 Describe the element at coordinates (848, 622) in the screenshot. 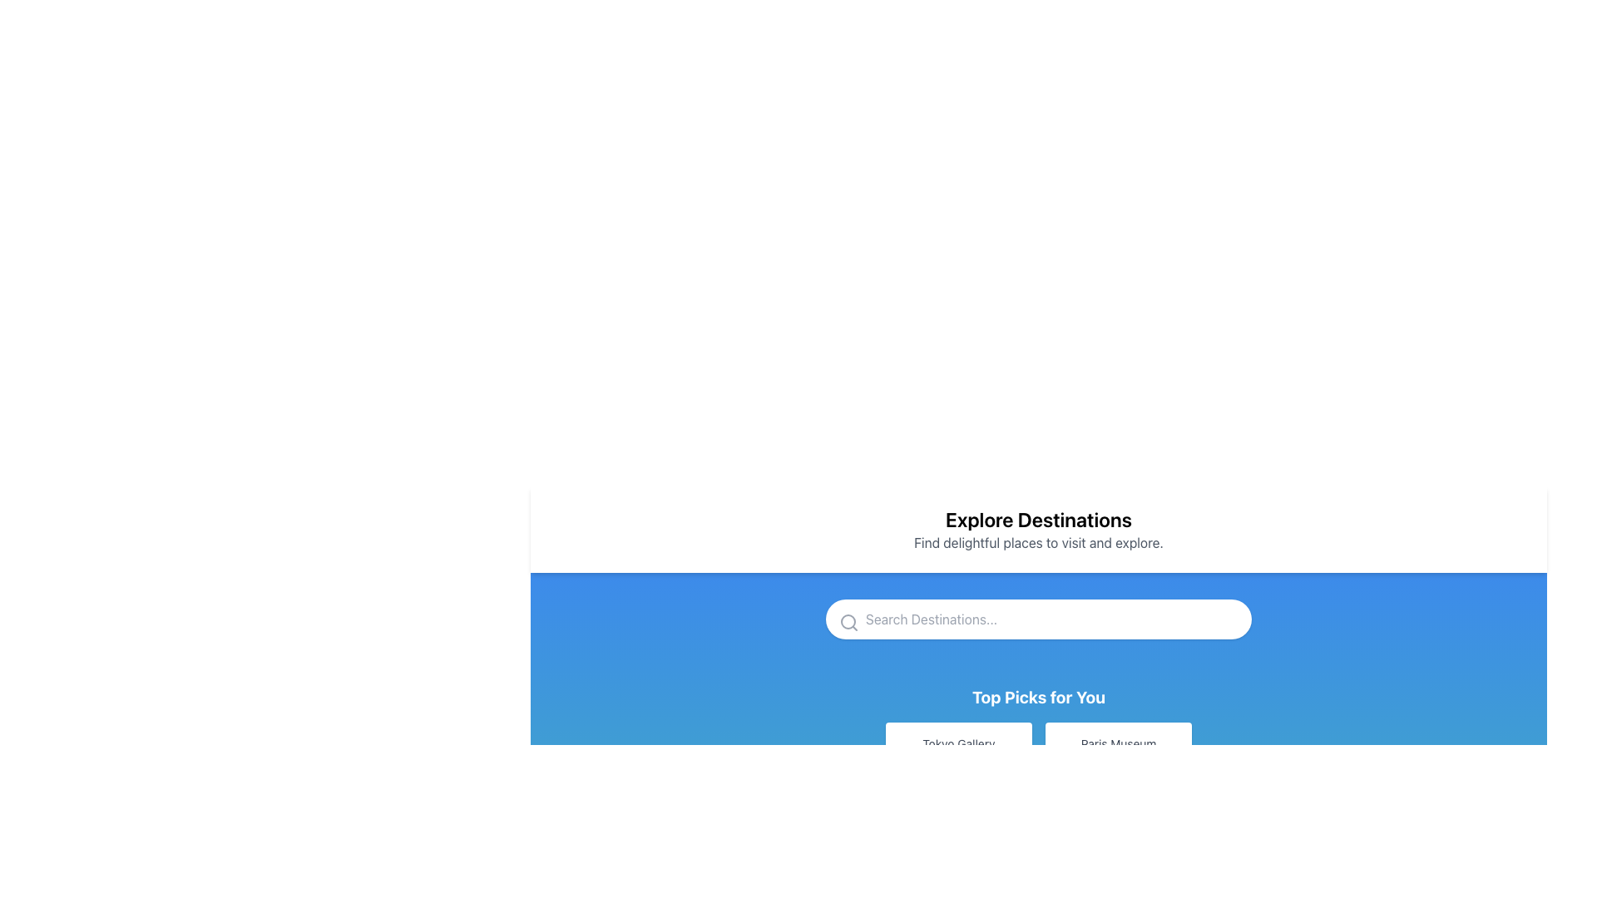

I see `the central grayish circle of the magnifying glass icon located in the upper middle section of the interface, just below the 'Explore Destinations' headline` at that location.